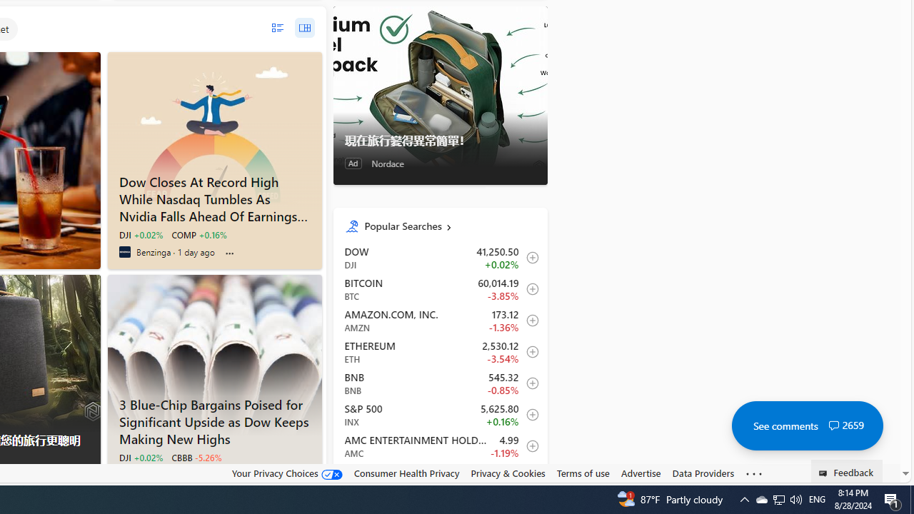 This screenshot has height=514, width=914. Describe the element at coordinates (807, 425) in the screenshot. I see `'See comments 2659'` at that location.